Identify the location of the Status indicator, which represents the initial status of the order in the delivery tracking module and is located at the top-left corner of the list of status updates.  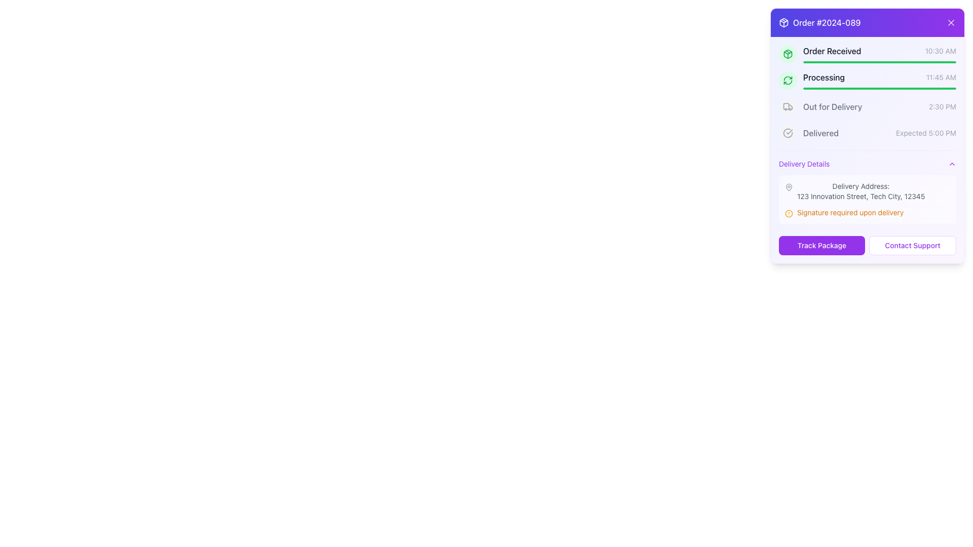
(867, 54).